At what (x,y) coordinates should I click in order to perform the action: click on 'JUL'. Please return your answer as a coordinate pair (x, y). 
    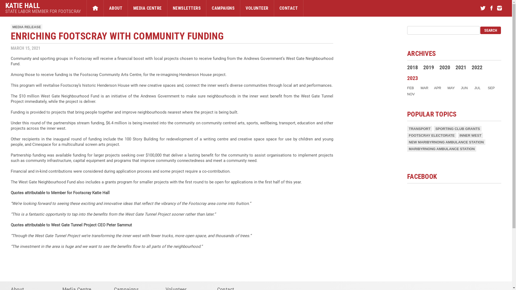
    Looking at the image, I should click on (477, 88).